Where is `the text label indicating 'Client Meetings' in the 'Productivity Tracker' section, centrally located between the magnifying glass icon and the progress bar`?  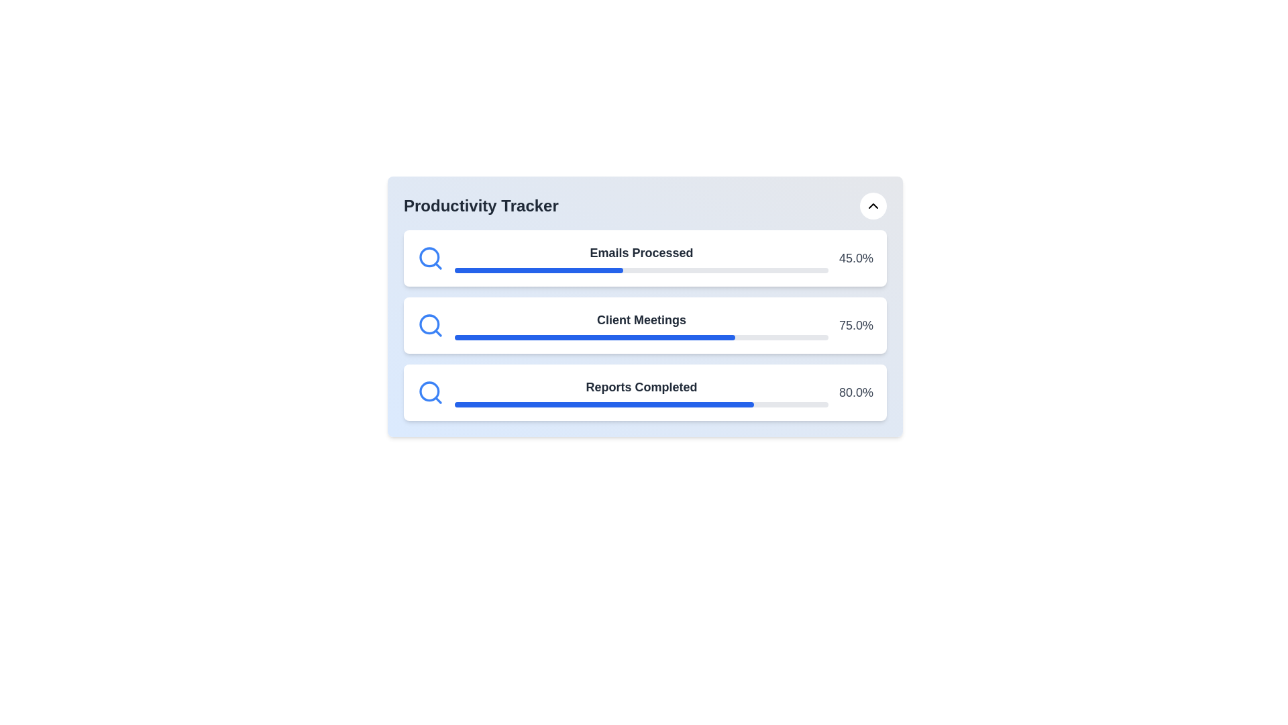
the text label indicating 'Client Meetings' in the 'Productivity Tracker' section, centrally located between the magnifying glass icon and the progress bar is located at coordinates (641, 320).